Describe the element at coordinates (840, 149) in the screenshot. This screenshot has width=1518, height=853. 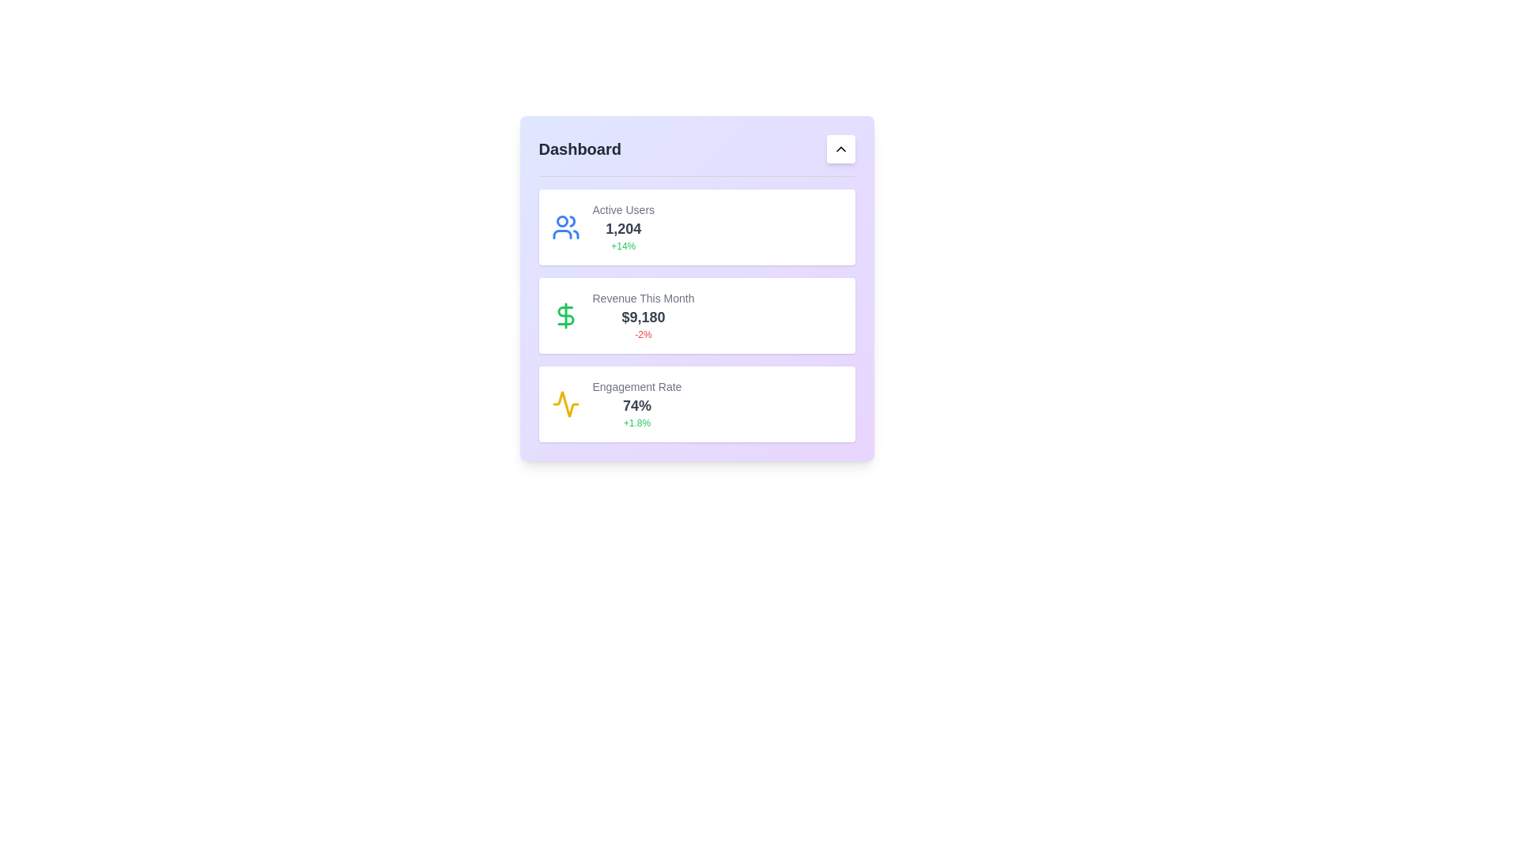
I see `the chevron icon located in the top-right corner of the card` at that location.